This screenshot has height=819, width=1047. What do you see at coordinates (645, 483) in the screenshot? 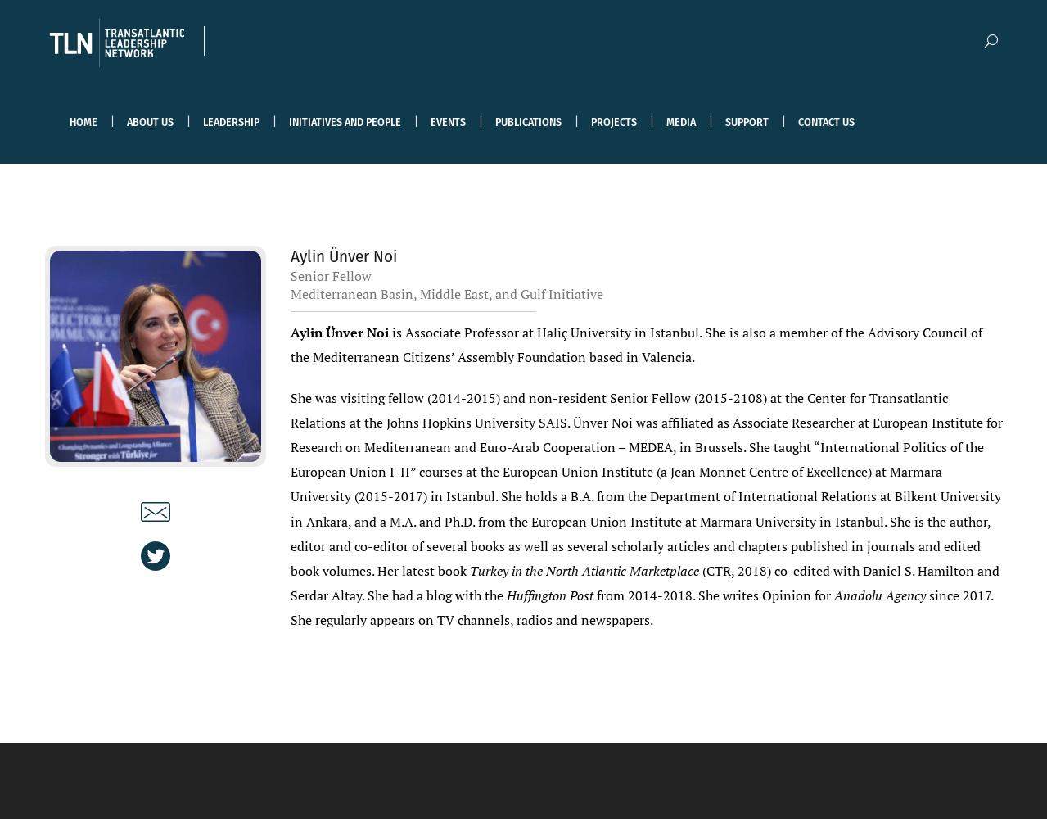
I see `'She was visiting fellow (2014-2015) and non-resident Senior Fellow (2015-2108) at the Center for Transatlantic Relations at the Johns Hopkins University SAIS. Ünver Noi was affiliated as Associate Researcher at European Institute for Research on Mediterranean and Euro-Arab Cooperation – MEDEA, in Brussels. She taught “International Politics of the European Union I-II” courses at the European Union Institute (a Jean Monnet Centre of Excellence) at Marmara University (2015-2017) in Istanbul. She holds a B.A. from the Department of International Relations at Bilkent University in Ankara, and a M.A. and Ph.D. from the European Union Institute at Marmara University in Istanbul. She is the author, editor and co-editor of several books as well as several scholarly articles and chapters published in journals and edited book volumes. Her latest book'` at bounding box center [645, 483].